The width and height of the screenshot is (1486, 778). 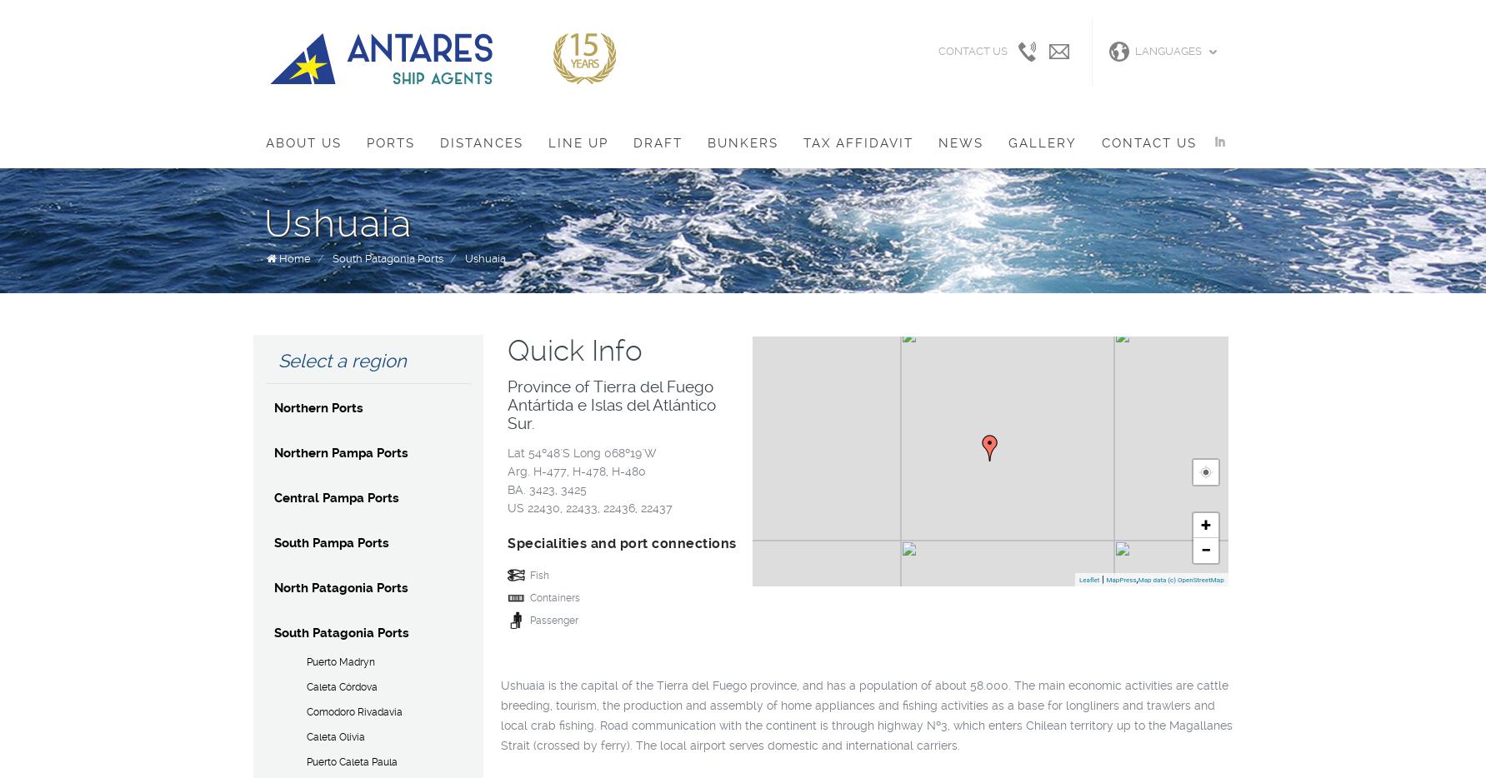 I want to click on 'News', so click(x=958, y=143).